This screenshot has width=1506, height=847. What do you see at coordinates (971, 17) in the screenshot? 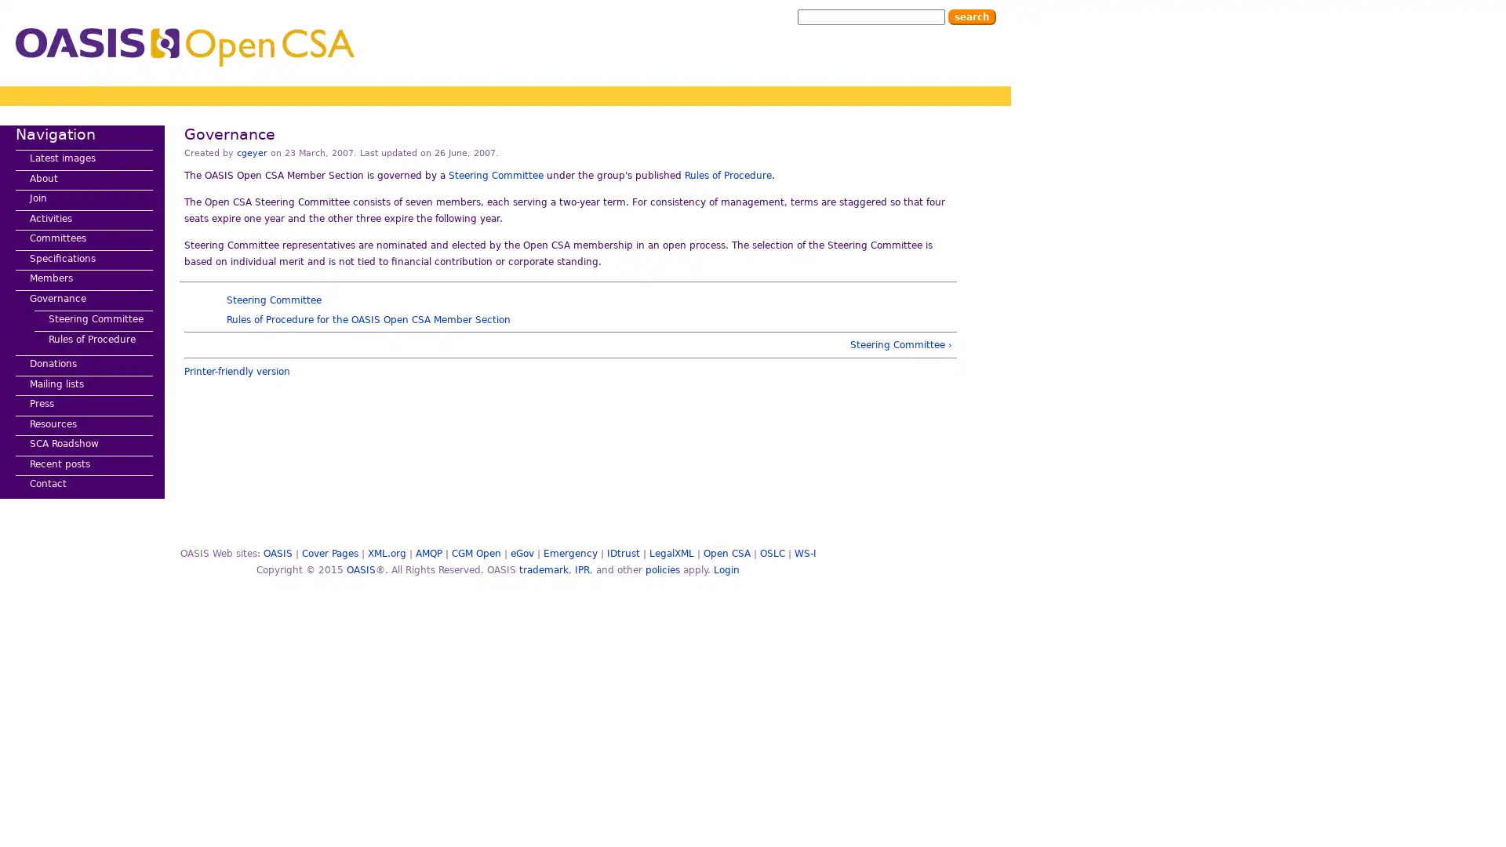
I see `Search` at bounding box center [971, 17].